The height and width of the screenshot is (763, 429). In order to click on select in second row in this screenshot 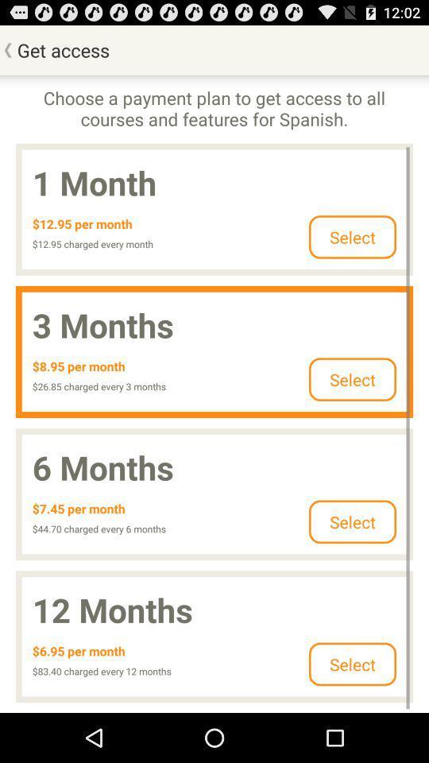, I will do `click(352, 379)`.